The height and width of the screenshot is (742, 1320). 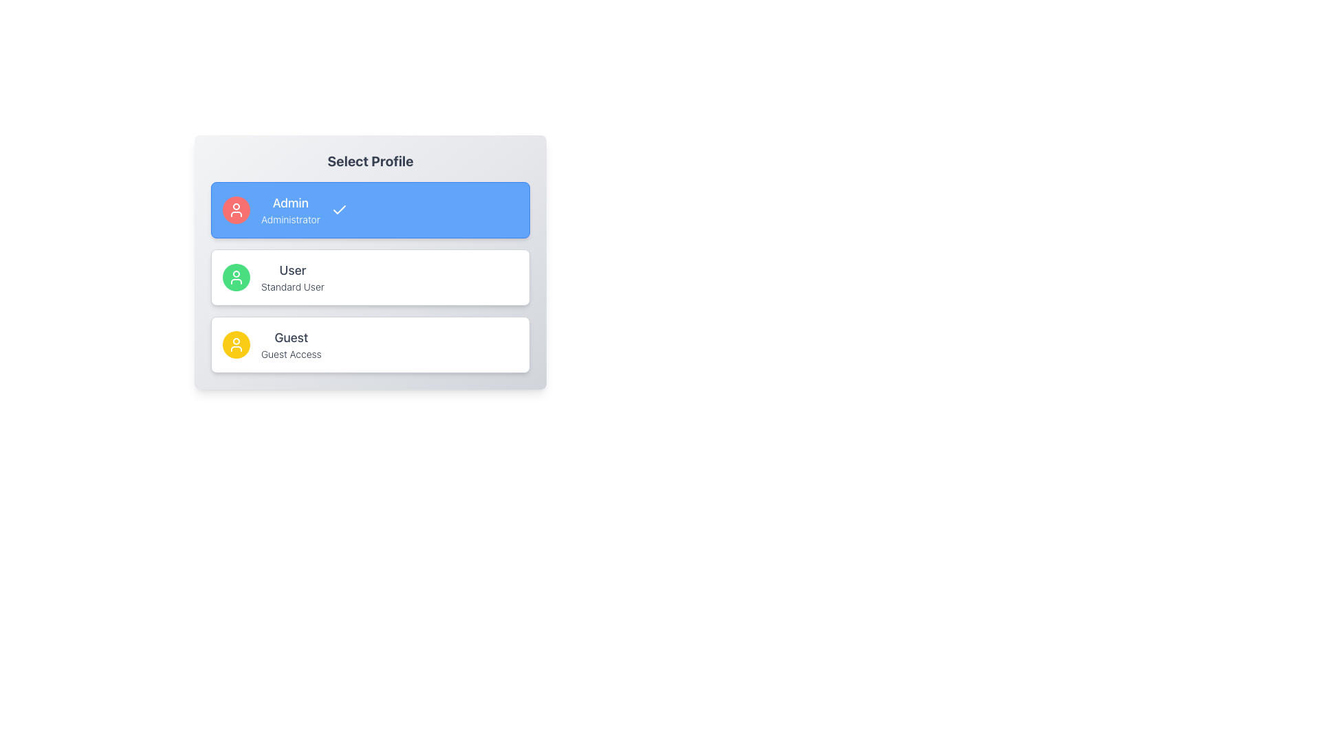 What do you see at coordinates (289, 203) in the screenshot?
I see `text label displaying 'Admin', styled in a larger bold font, located within a blue rectangular background at the specified coordinates` at bounding box center [289, 203].